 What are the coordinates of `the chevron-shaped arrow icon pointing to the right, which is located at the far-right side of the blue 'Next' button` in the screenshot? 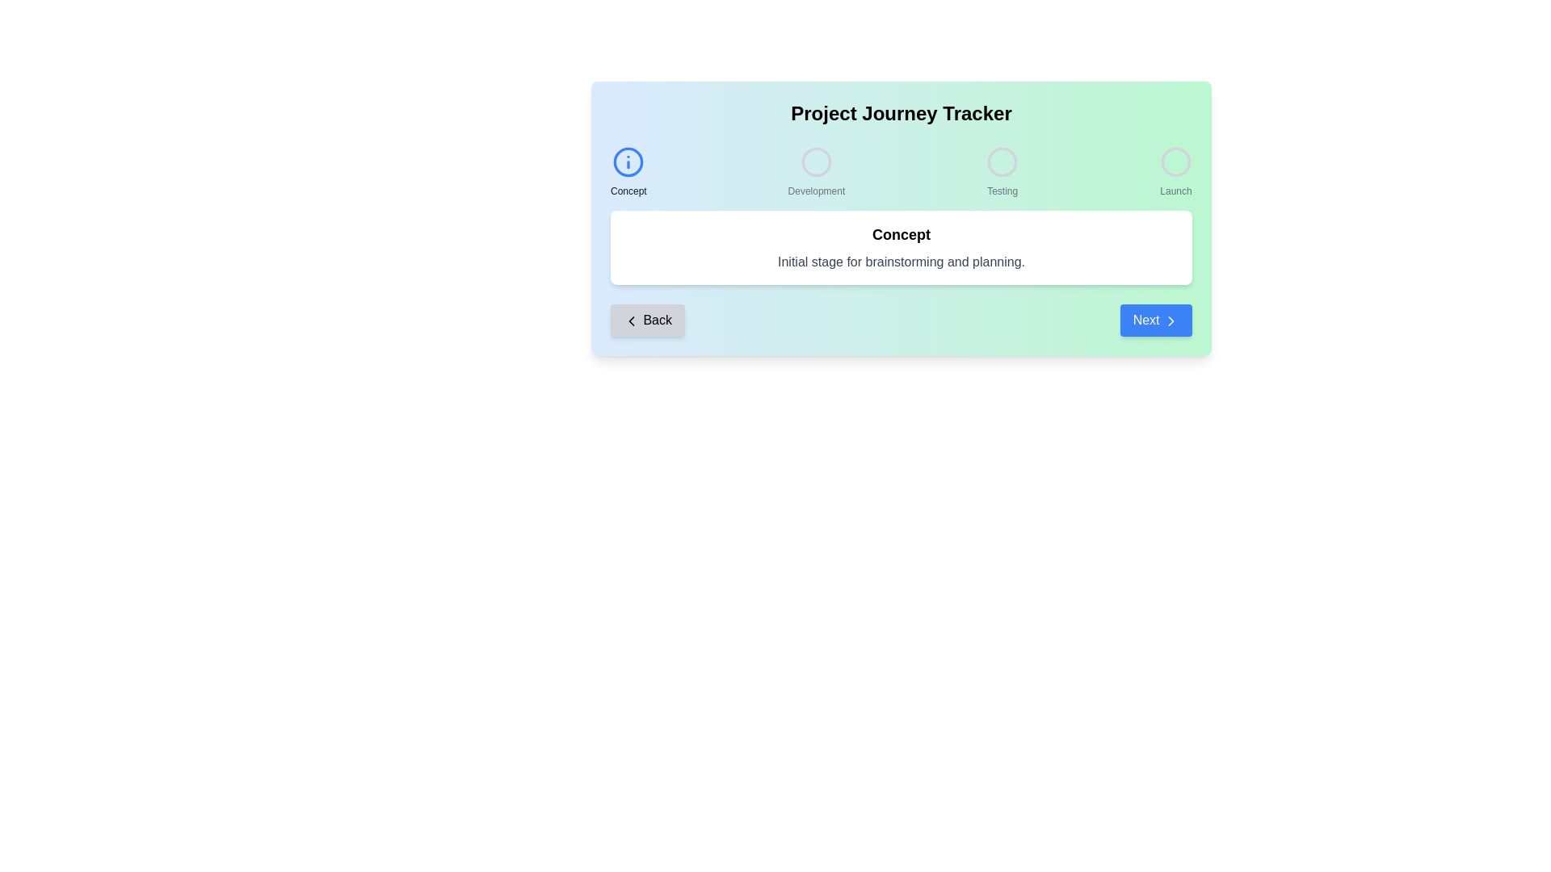 It's located at (1171, 321).